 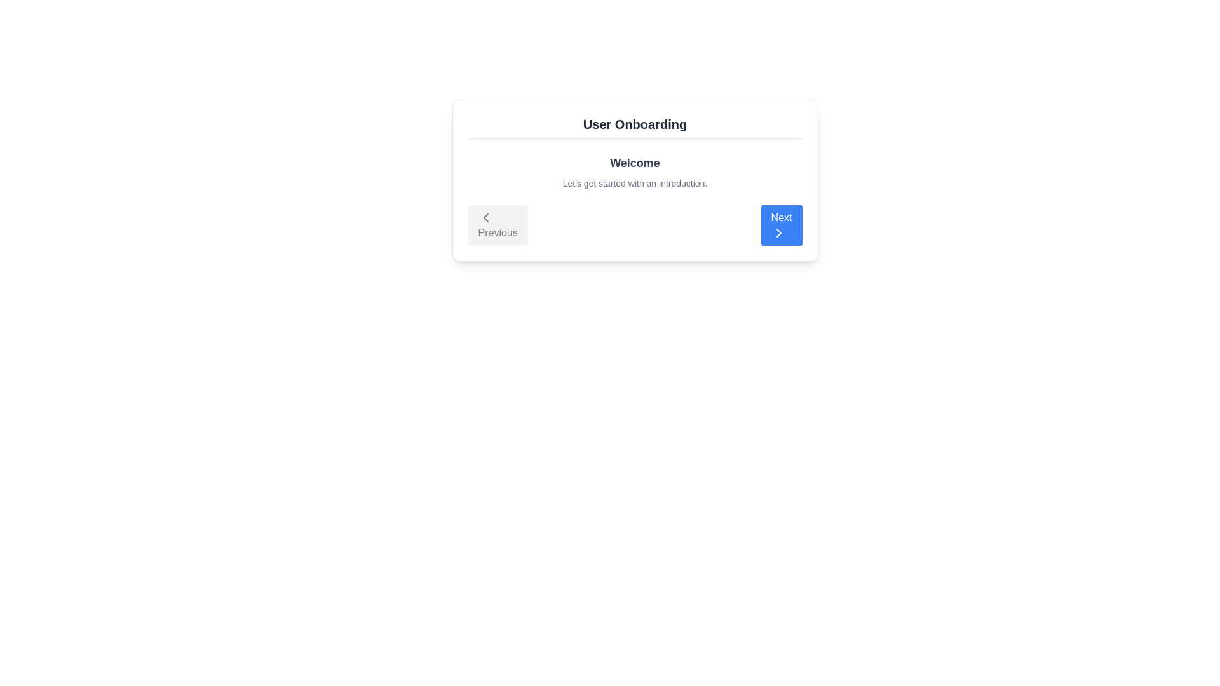 What do you see at coordinates (778, 232) in the screenshot?
I see `the chevron icon inside the 'Next' button` at bounding box center [778, 232].